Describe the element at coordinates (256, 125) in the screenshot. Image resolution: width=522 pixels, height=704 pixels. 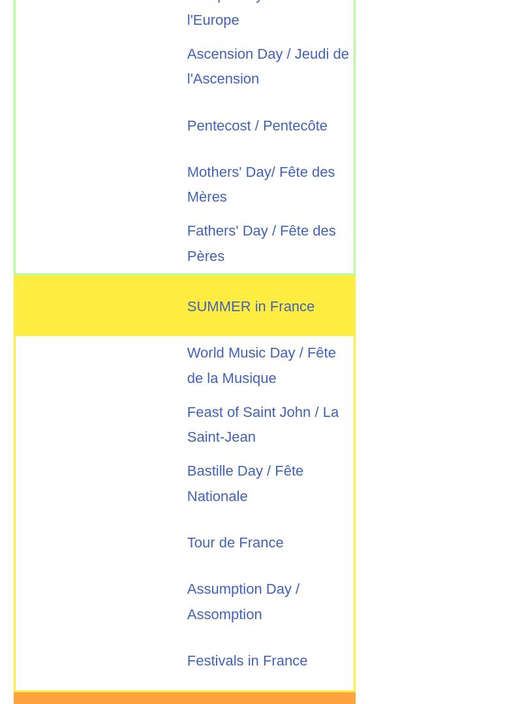
I see `'Pentecost / Pentecôte'` at that location.